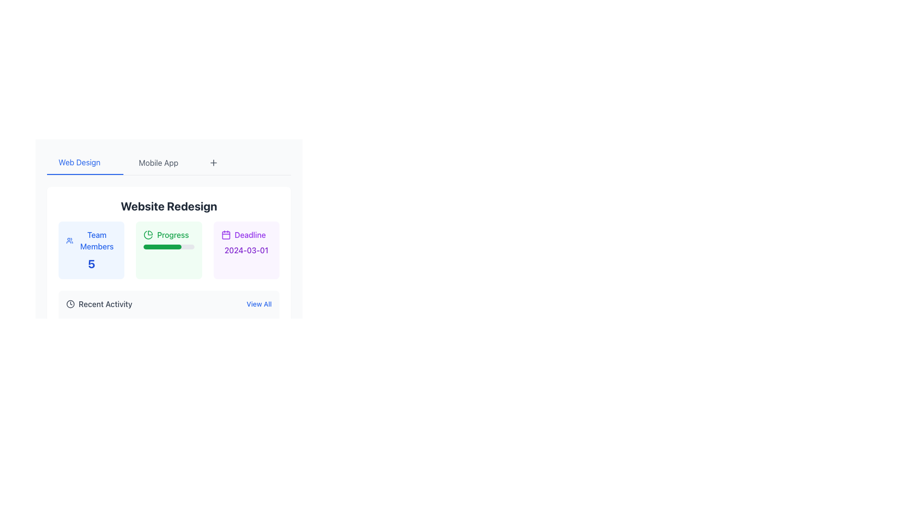 This screenshot has height=519, width=922. What do you see at coordinates (99, 304) in the screenshot?
I see `the 'Recent Activity' label element, which features a clock icon and is styled with medium font weight and gray color, located in the lower-left section of the 'Website Redesign' interface` at bounding box center [99, 304].